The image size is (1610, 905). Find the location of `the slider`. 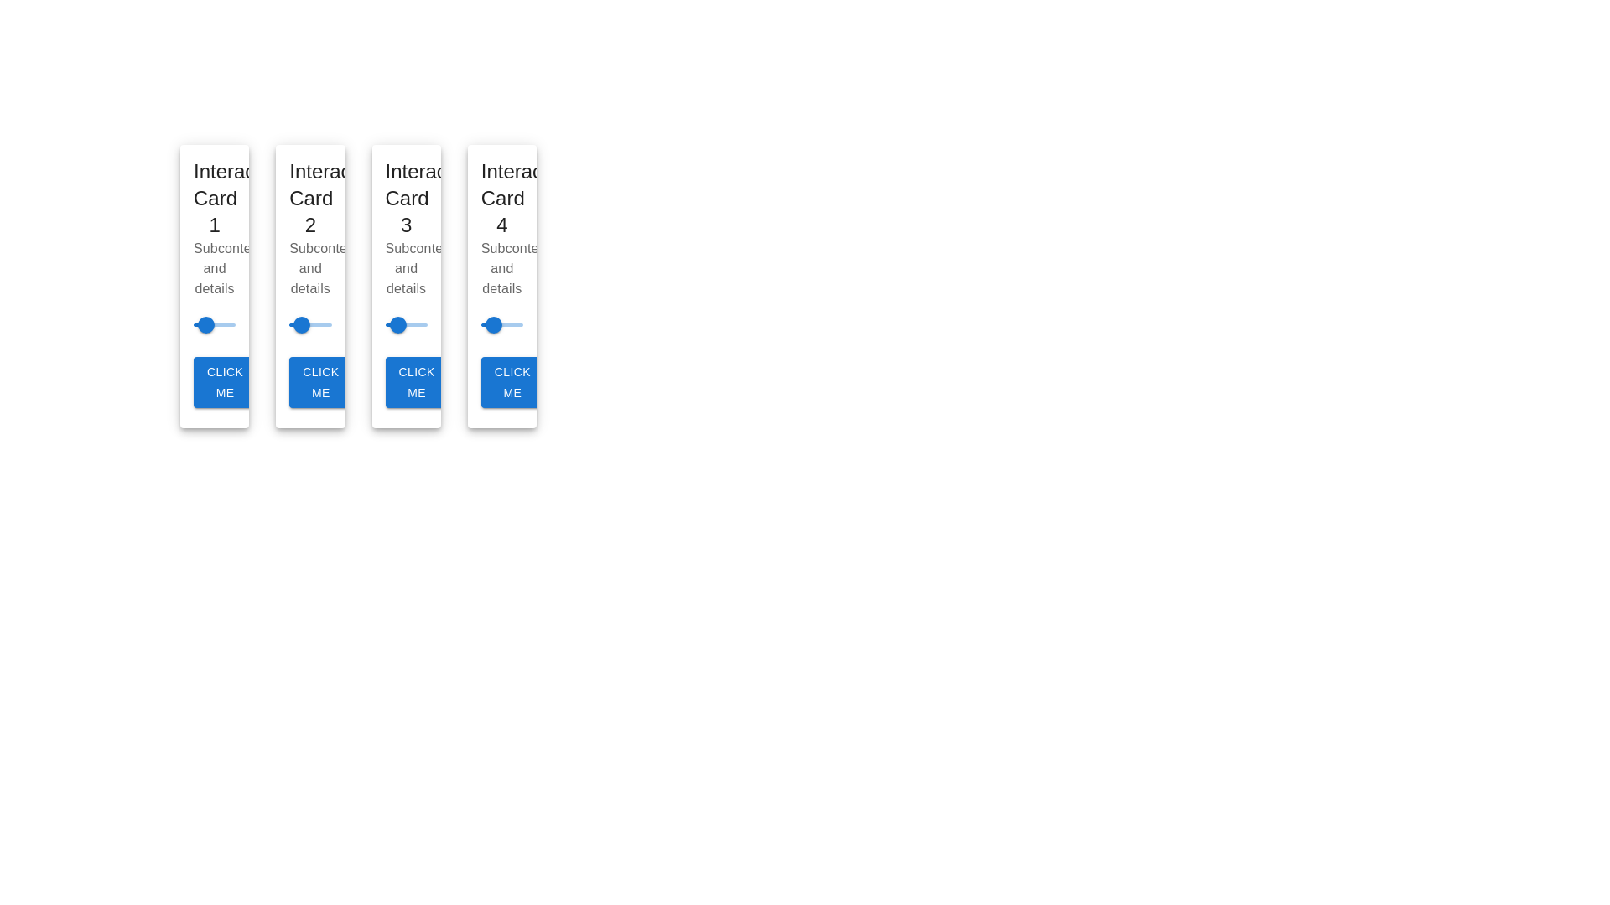

the slider is located at coordinates (307, 325).